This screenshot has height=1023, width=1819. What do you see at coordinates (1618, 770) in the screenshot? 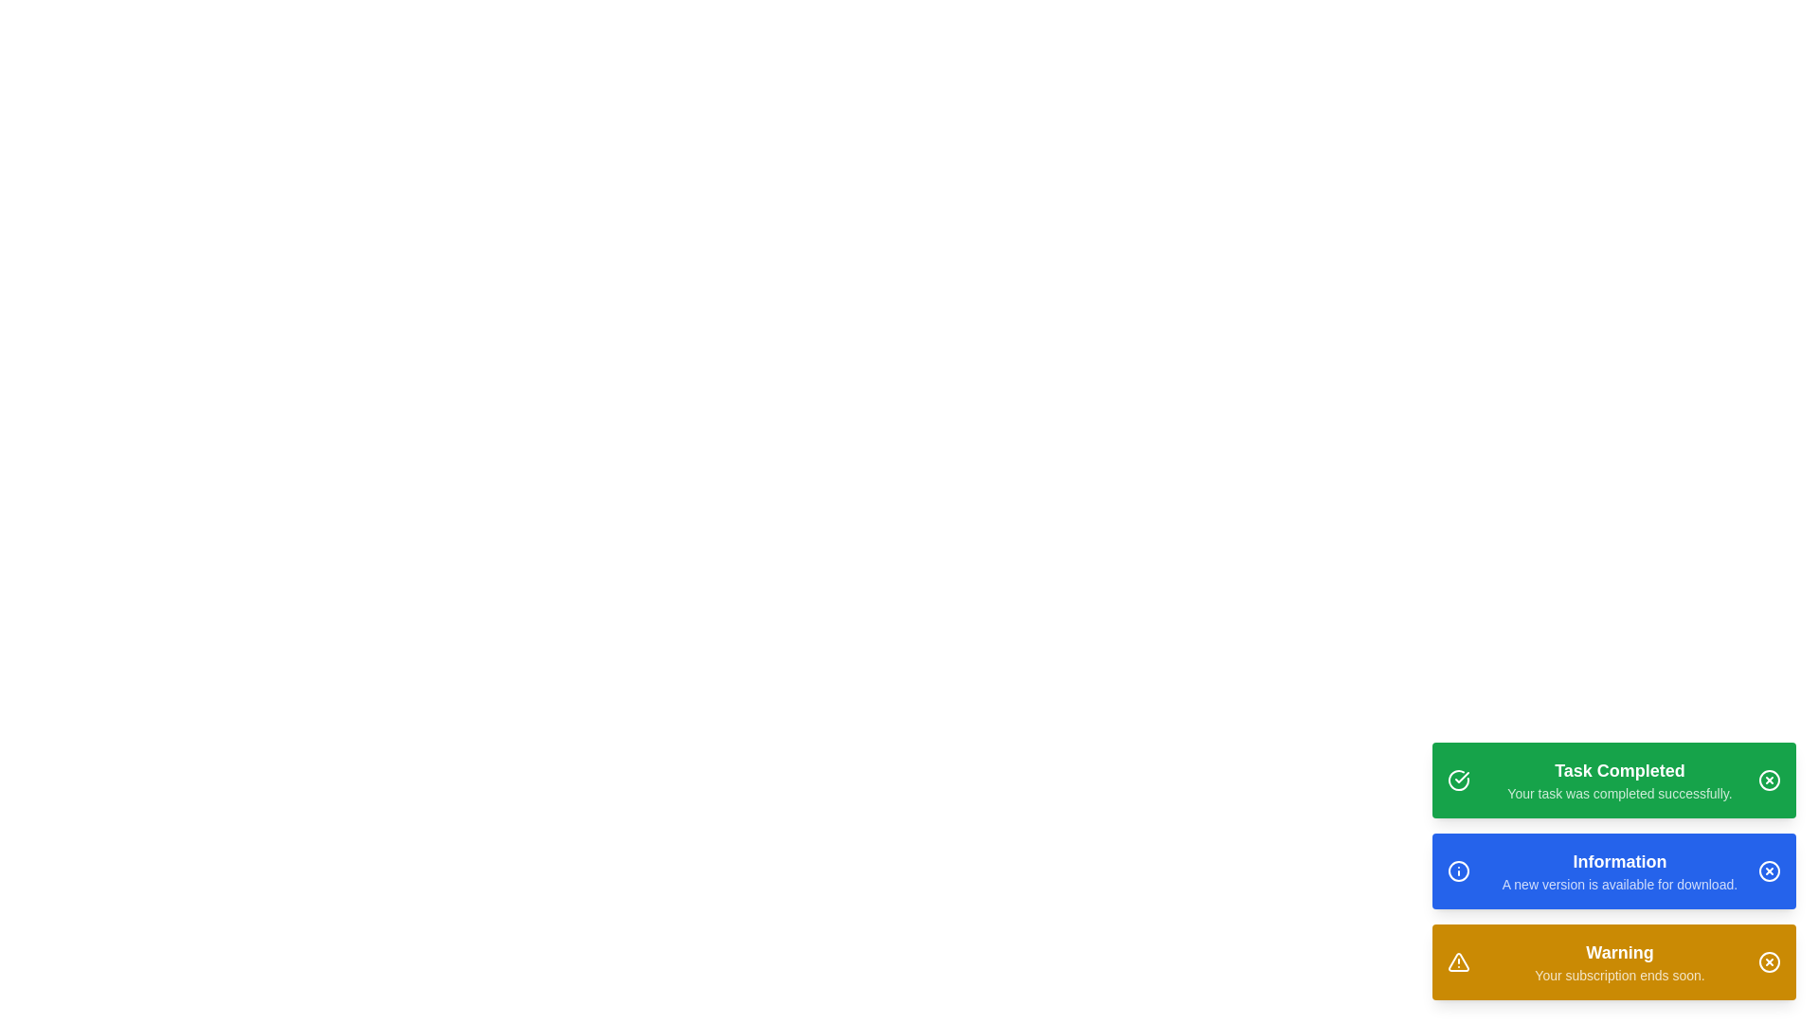
I see `the text label displaying 'Task Completed' with a bold font style and larger text size, located at the top of the notification card` at bounding box center [1618, 770].